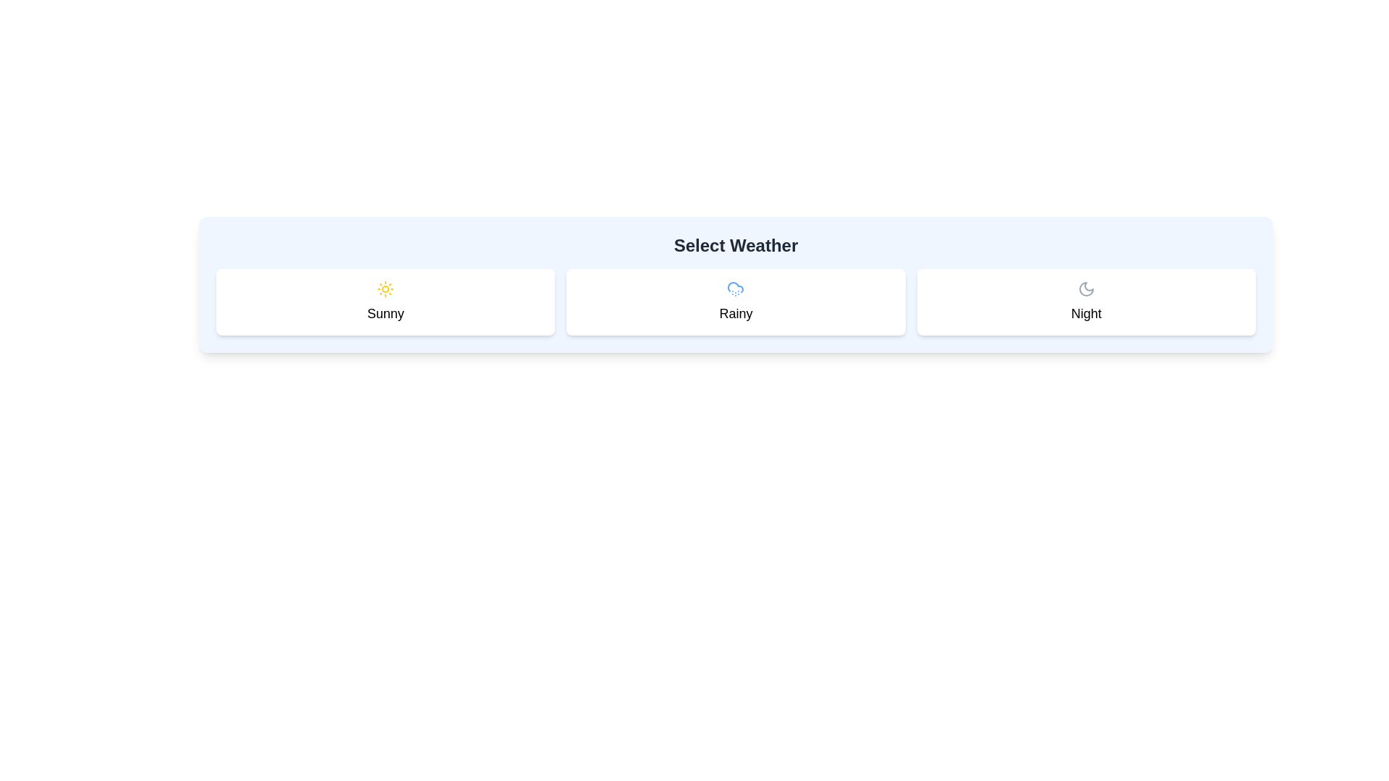 Image resolution: width=1389 pixels, height=781 pixels. What do you see at coordinates (1086, 301) in the screenshot?
I see `the card displaying the text 'Night' and a moon icon` at bounding box center [1086, 301].